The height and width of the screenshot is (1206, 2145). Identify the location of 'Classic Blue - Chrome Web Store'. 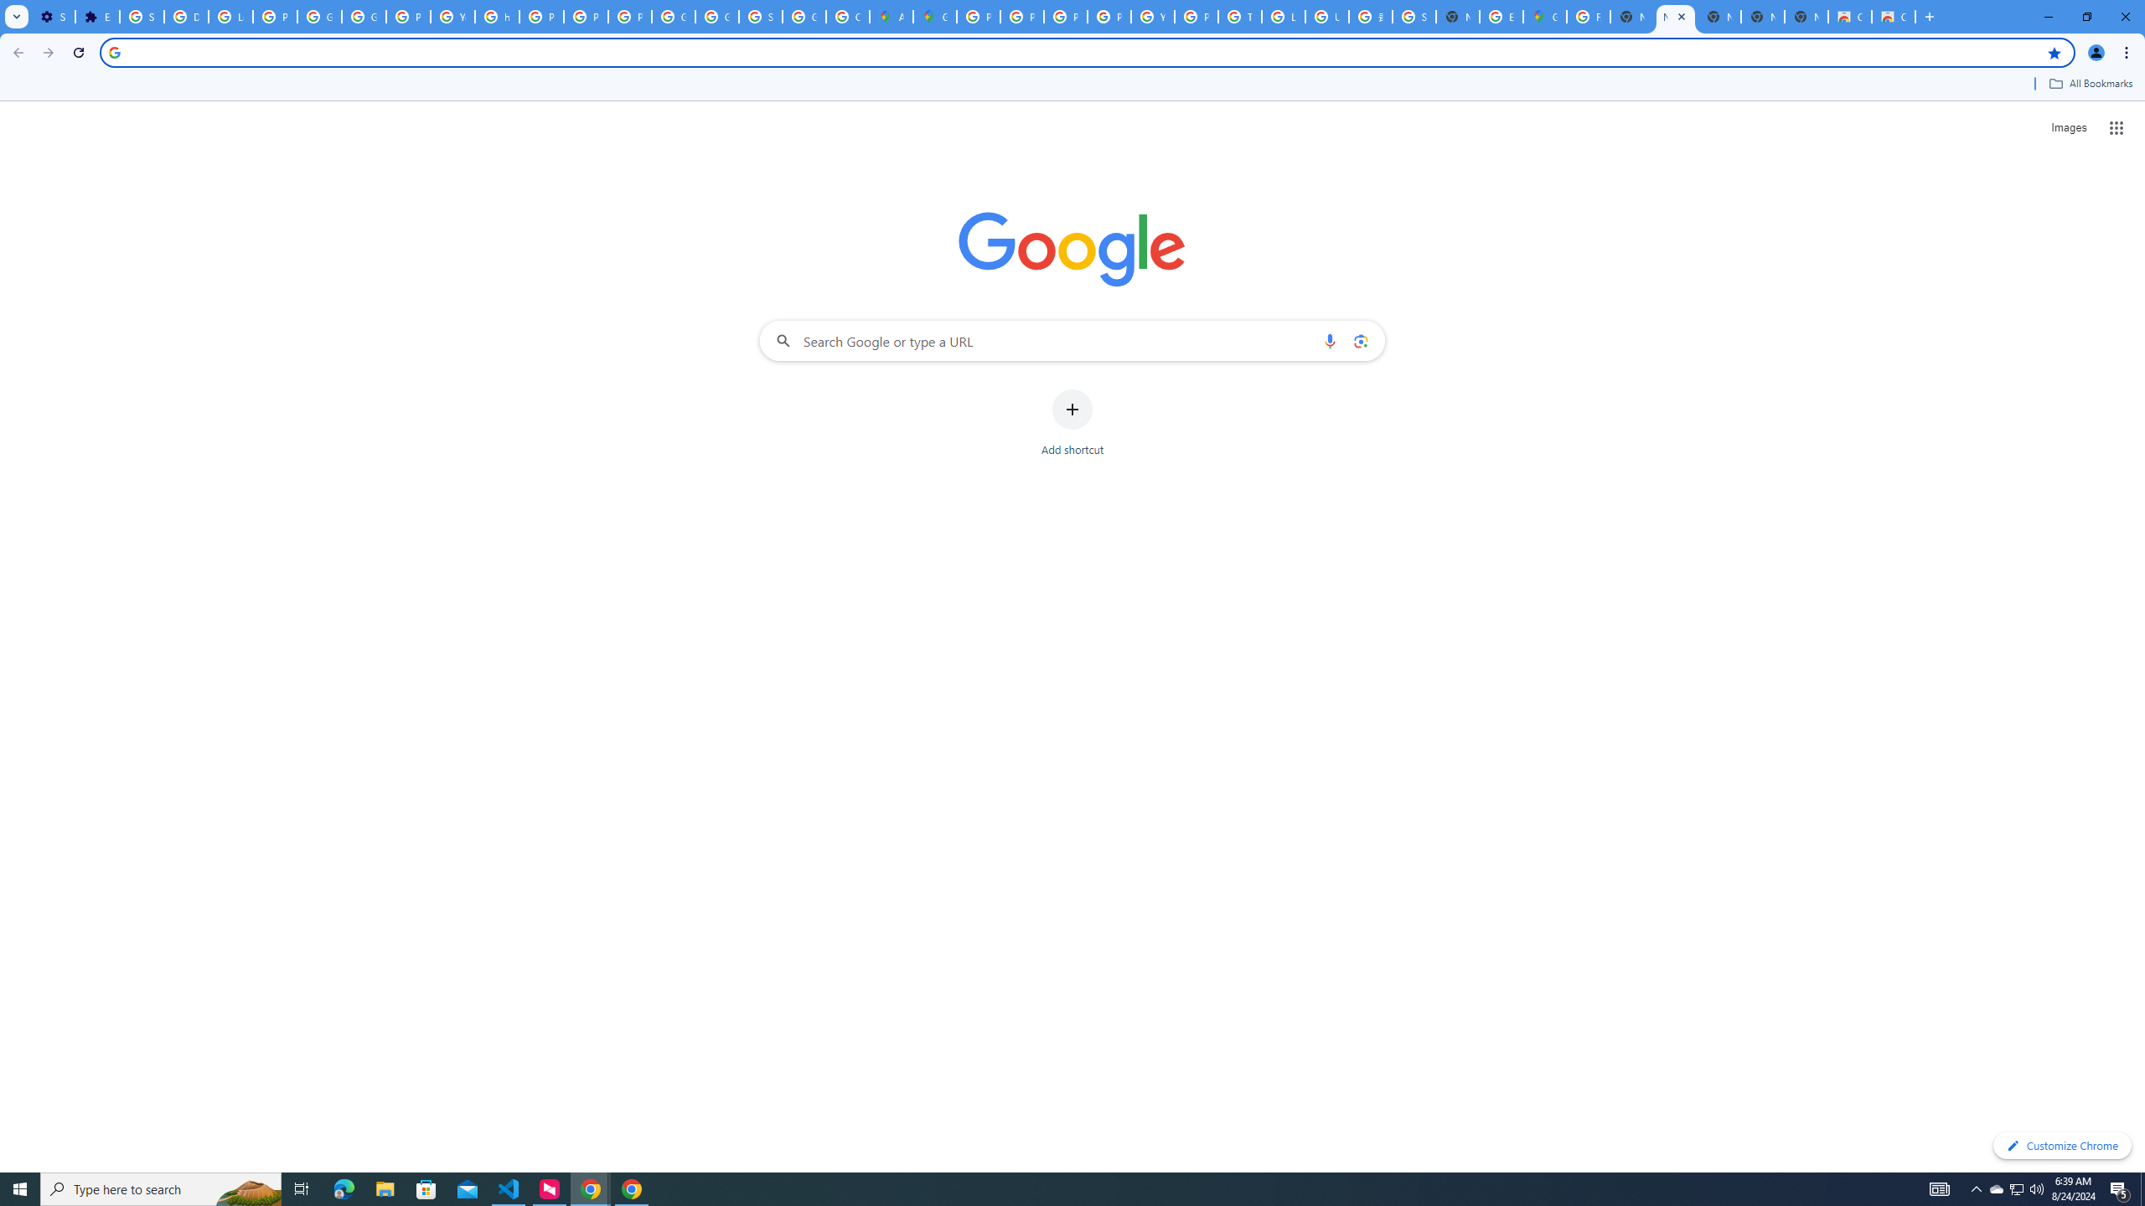
(1892, 16).